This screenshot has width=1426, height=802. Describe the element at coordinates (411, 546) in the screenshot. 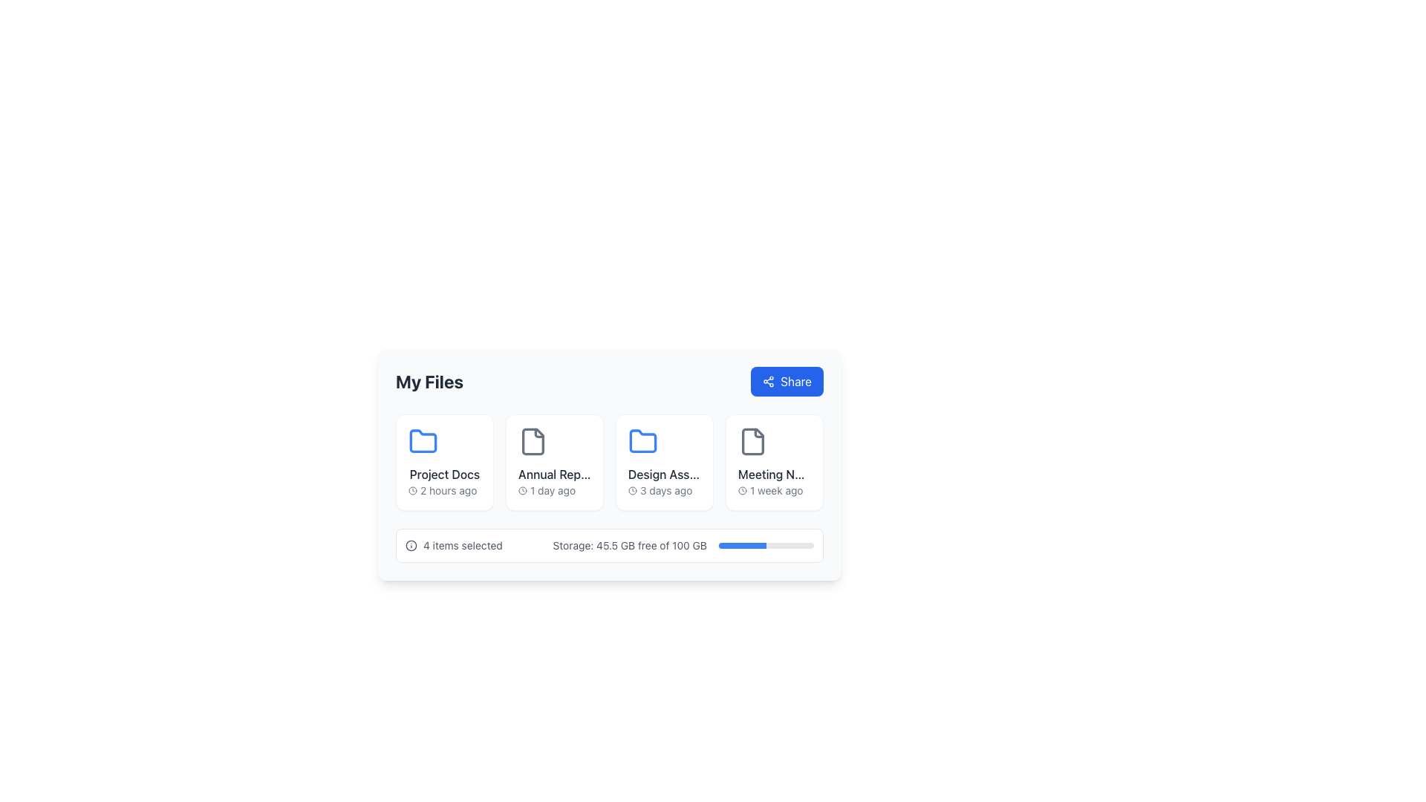

I see `the circular icon that is part of the composite graphic indicating '4 items selected' in the 'My Files' interface` at that location.